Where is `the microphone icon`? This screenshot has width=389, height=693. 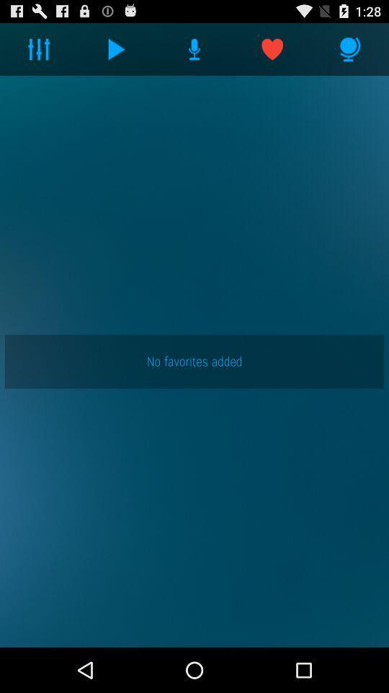
the microphone icon is located at coordinates (349, 52).